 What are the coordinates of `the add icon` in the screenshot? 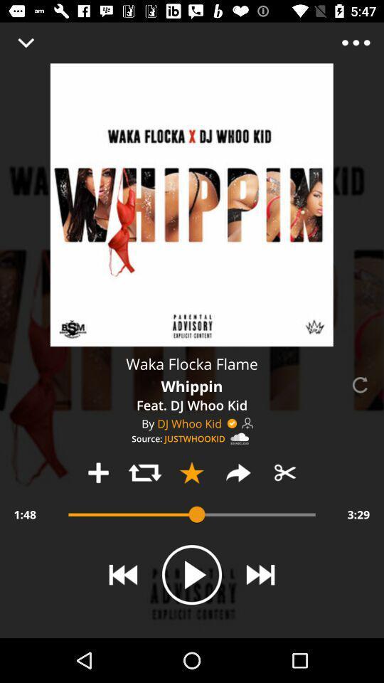 It's located at (97, 472).